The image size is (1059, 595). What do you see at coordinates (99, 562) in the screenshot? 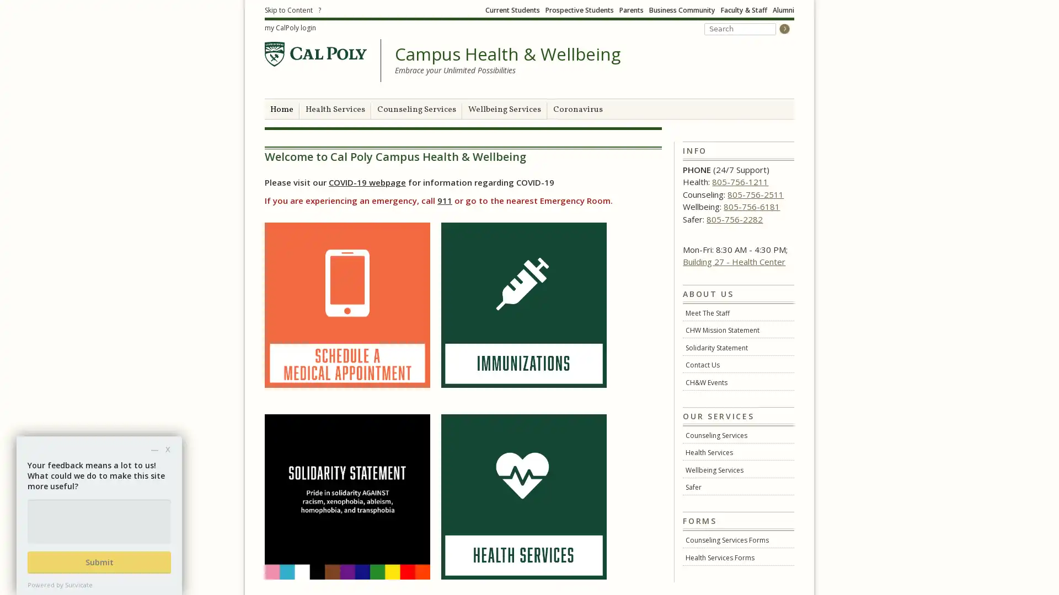
I see `Submit` at bounding box center [99, 562].